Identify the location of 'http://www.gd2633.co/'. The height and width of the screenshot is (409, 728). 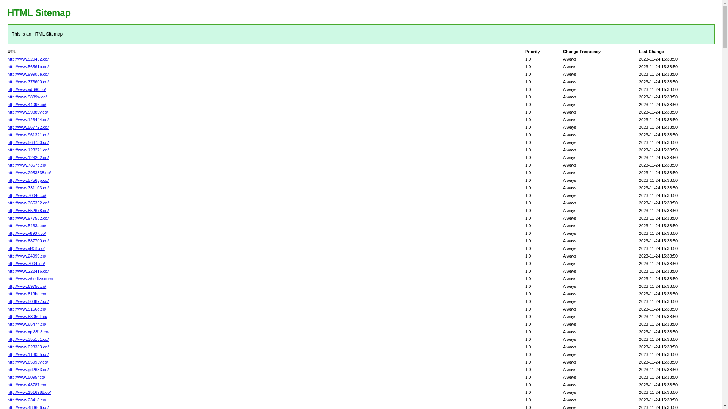
(7, 369).